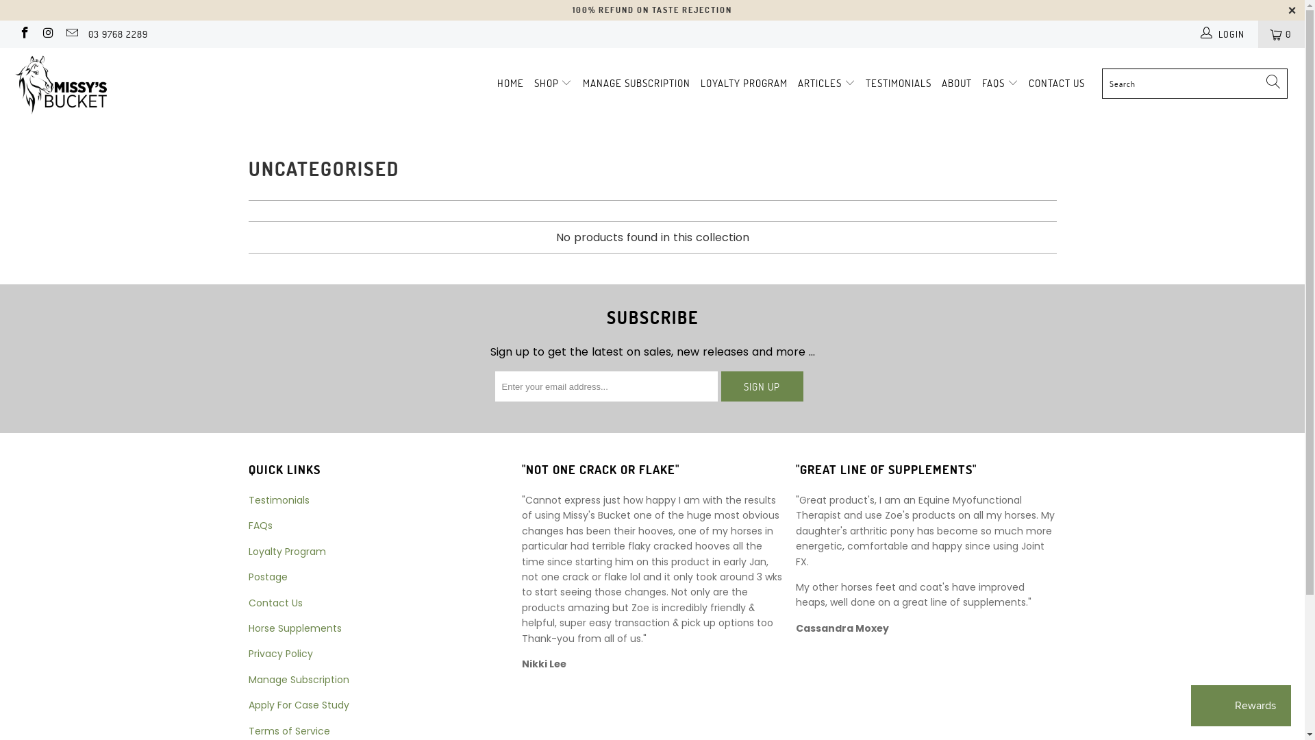 The image size is (1315, 740). I want to click on 'Horse Supplements', so click(247, 628).